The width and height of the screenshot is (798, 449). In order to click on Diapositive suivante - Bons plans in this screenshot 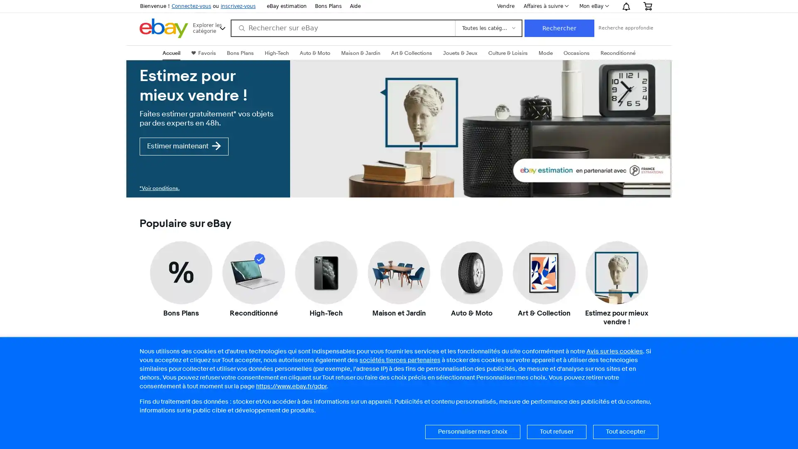, I will do `click(651, 437)`.